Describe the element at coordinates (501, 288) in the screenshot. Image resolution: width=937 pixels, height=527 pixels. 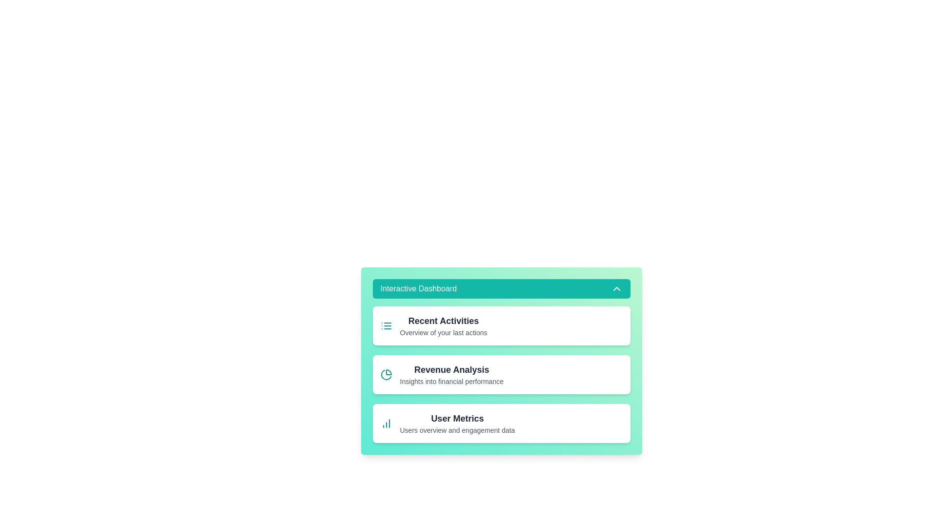
I see `the toggle button of the dashboard menu to expand or collapse it` at that location.